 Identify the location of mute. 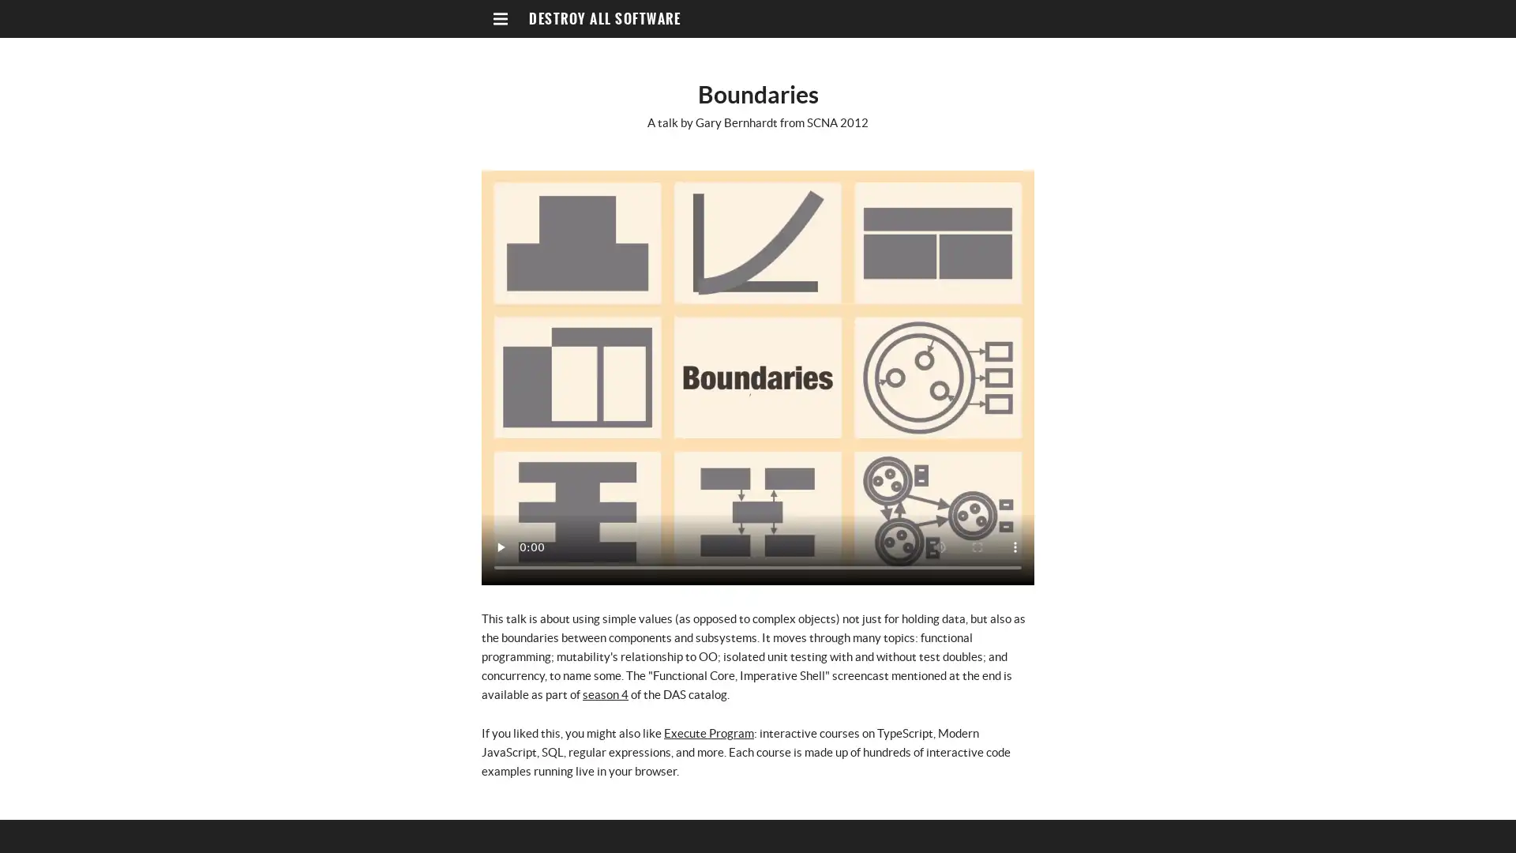
(940, 547).